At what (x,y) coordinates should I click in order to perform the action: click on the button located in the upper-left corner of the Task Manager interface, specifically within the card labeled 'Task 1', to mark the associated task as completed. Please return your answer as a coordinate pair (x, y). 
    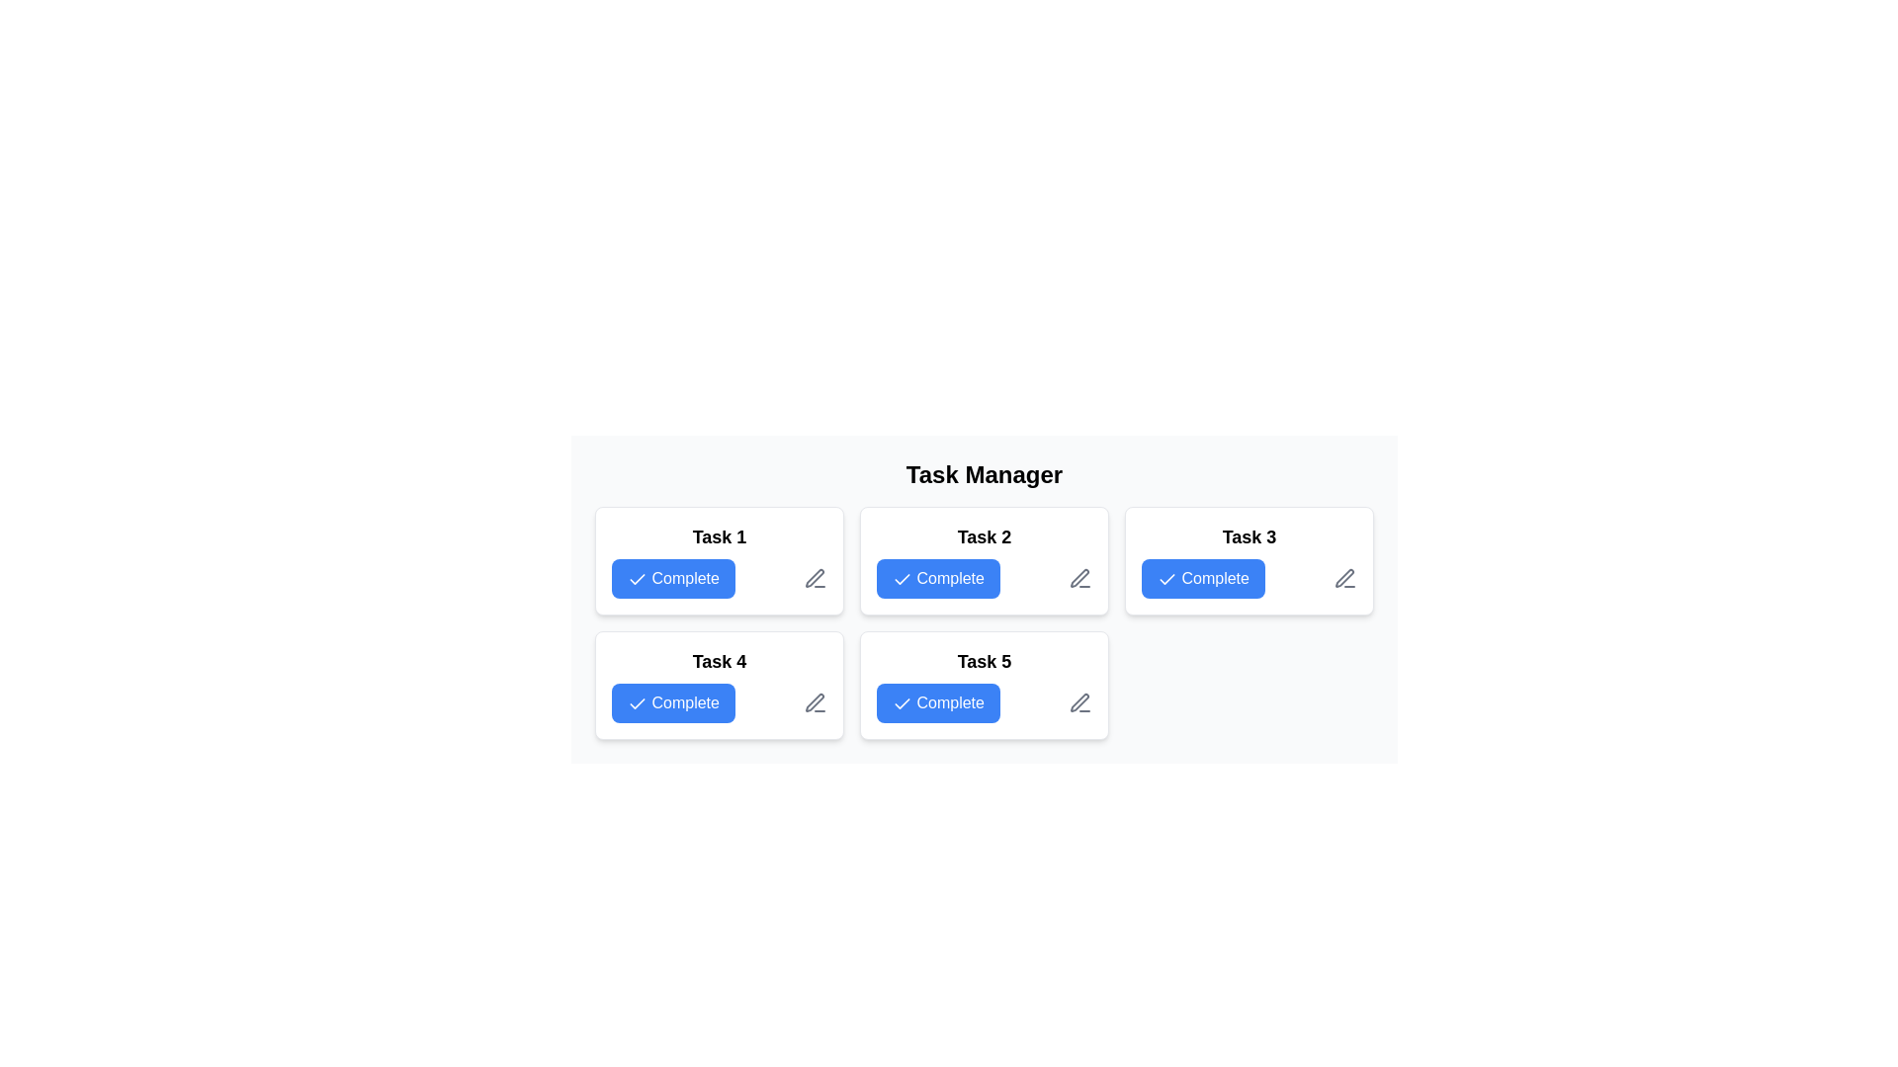
    Looking at the image, I should click on (673, 578).